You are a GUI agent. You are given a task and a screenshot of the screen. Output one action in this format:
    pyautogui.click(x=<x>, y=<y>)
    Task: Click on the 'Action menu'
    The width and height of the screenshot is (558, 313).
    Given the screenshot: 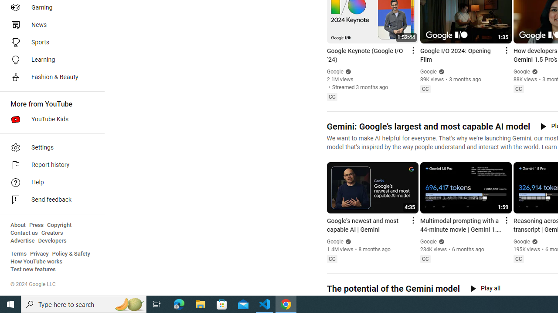 What is the action you would take?
    pyautogui.click(x=506, y=220)
    